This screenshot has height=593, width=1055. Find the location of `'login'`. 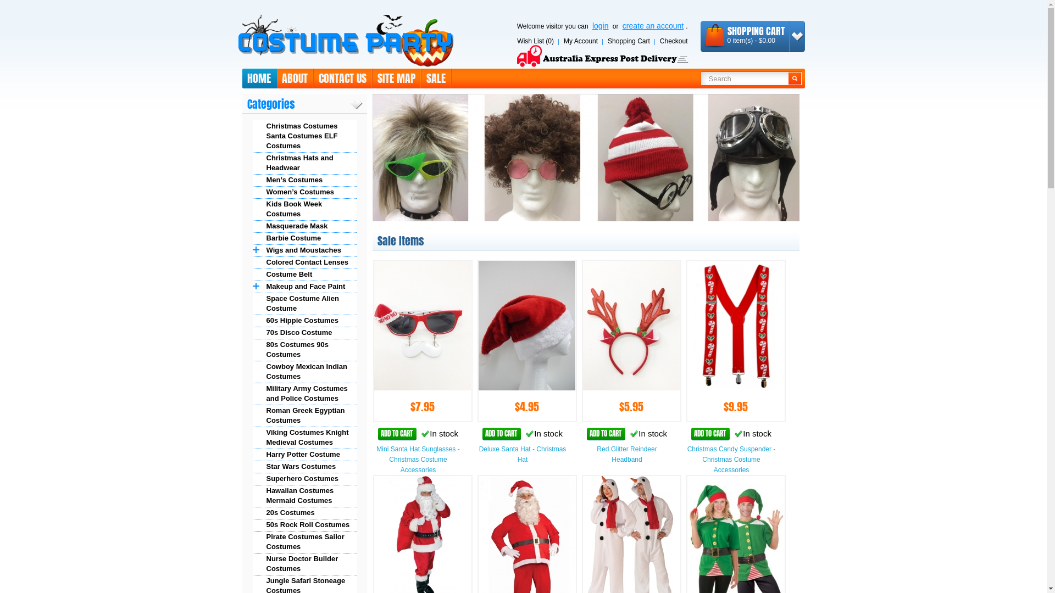

'login' is located at coordinates (600, 25).